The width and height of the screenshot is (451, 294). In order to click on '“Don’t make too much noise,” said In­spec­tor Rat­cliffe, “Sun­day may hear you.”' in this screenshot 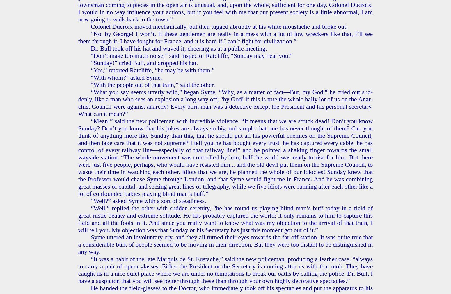, I will do `click(191, 55)`.